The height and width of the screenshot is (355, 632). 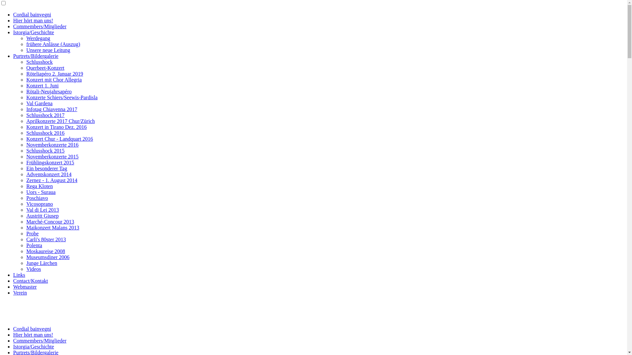 I want to click on 'Webmaster', so click(x=25, y=286).